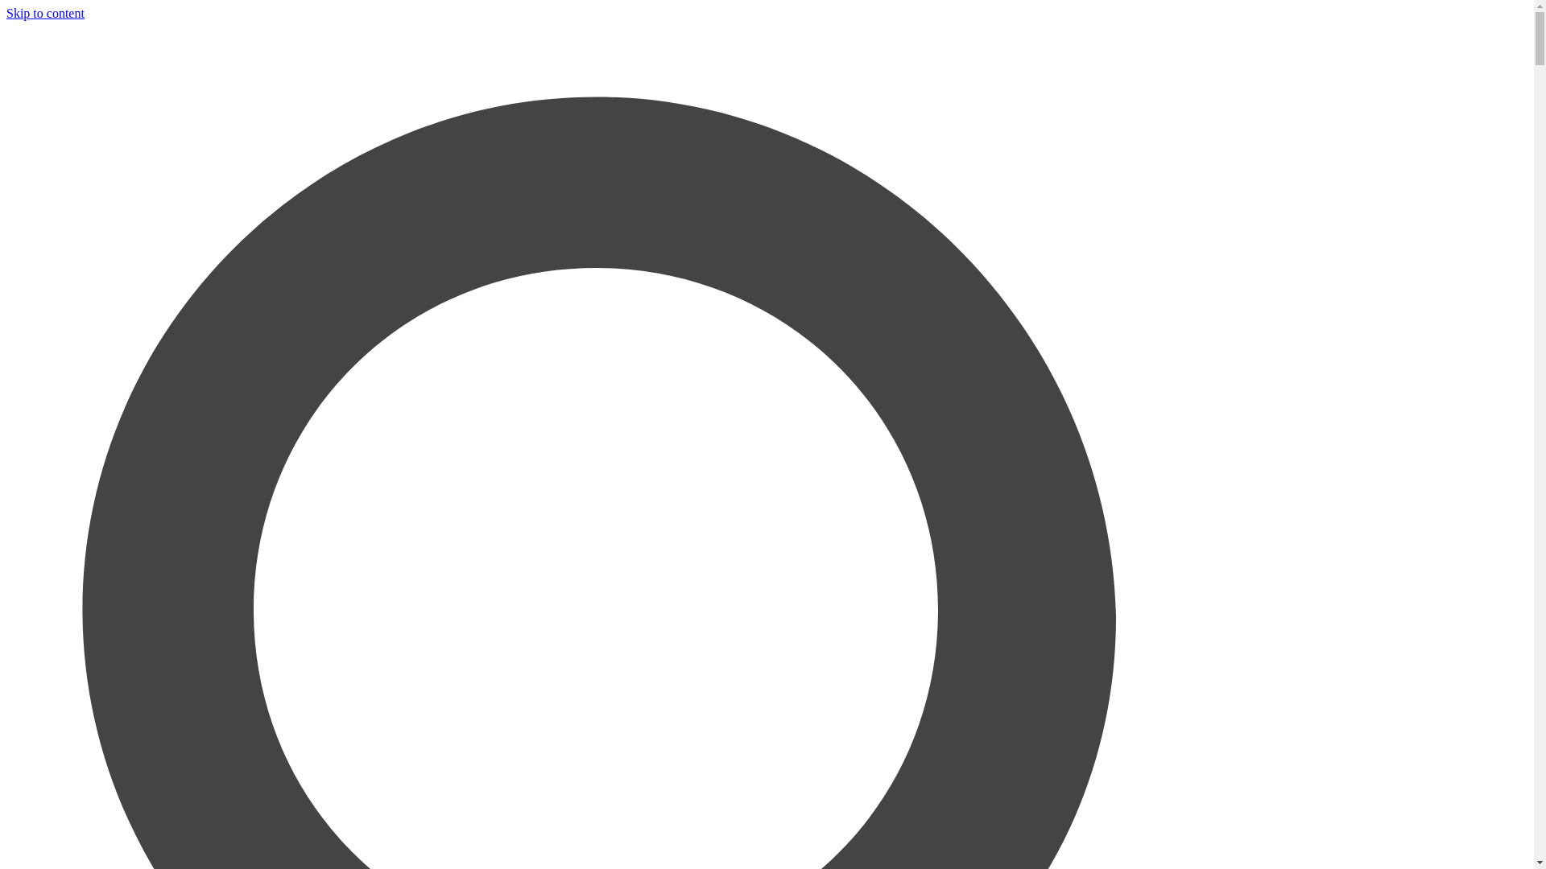 The image size is (1546, 869). Describe the element at coordinates (45, 13) in the screenshot. I see `'Skip to content'` at that location.